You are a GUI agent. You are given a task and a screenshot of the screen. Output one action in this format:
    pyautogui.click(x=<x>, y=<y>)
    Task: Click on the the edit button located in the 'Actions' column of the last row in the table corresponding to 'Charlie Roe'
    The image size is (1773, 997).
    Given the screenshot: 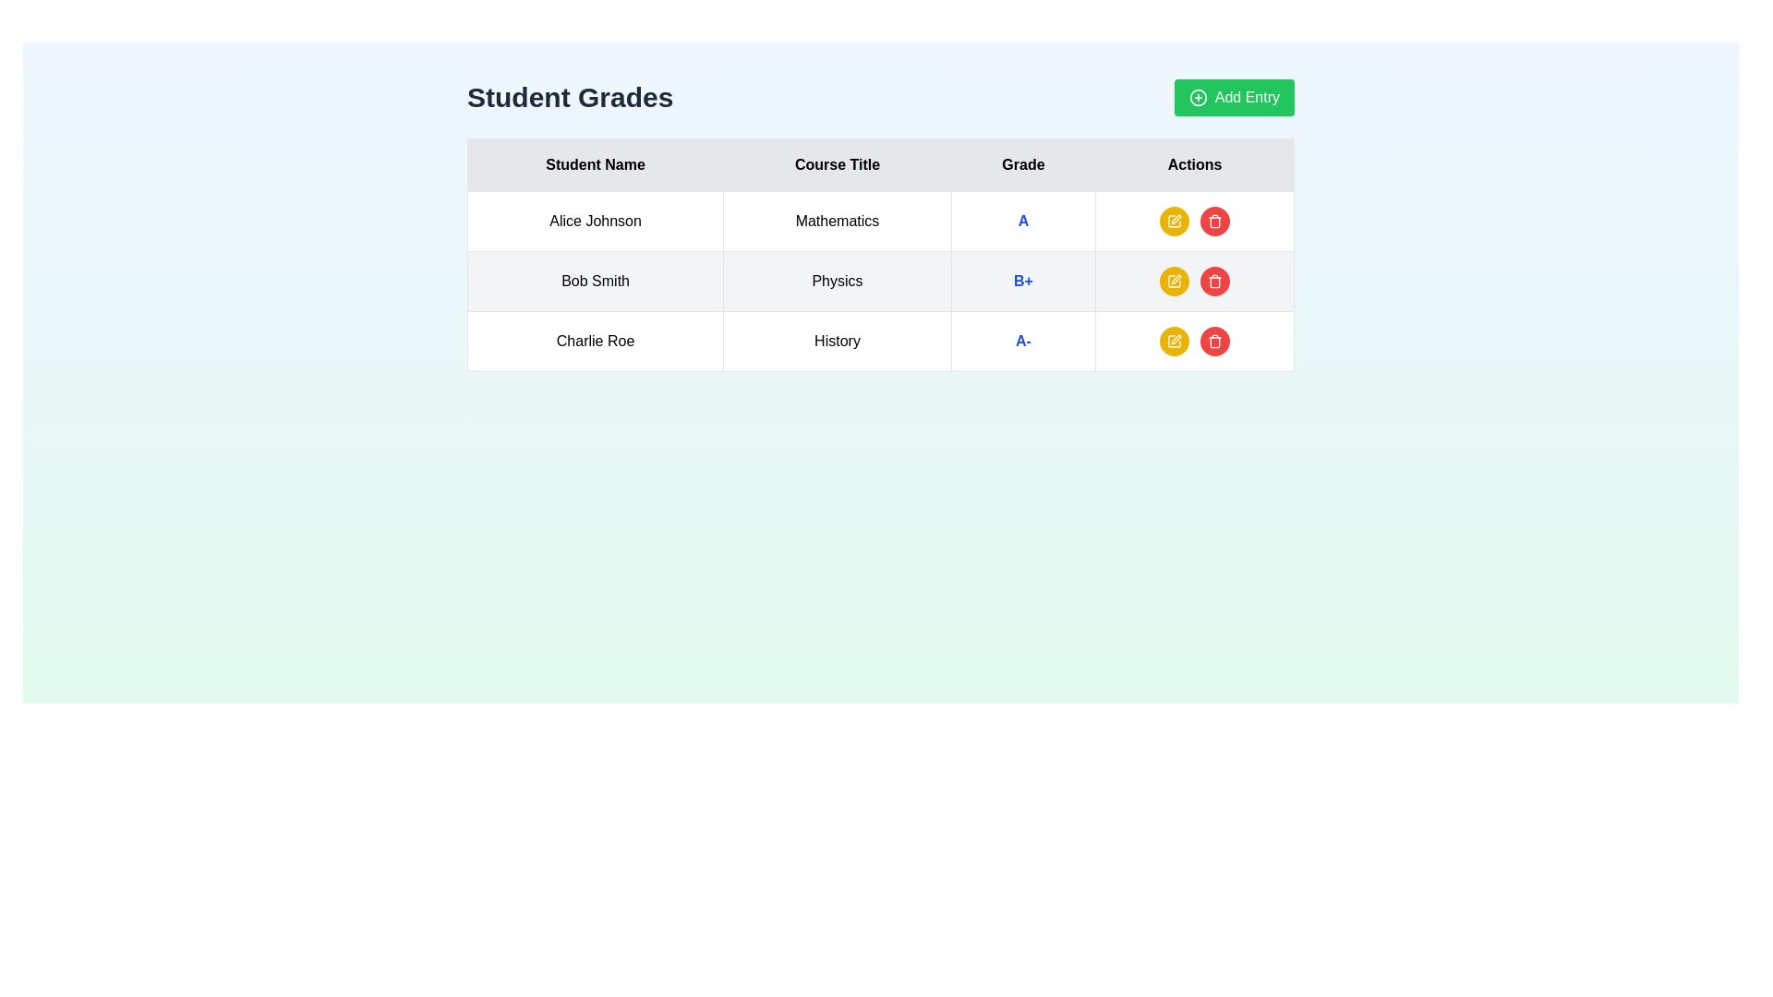 What is the action you would take?
    pyautogui.click(x=1174, y=342)
    